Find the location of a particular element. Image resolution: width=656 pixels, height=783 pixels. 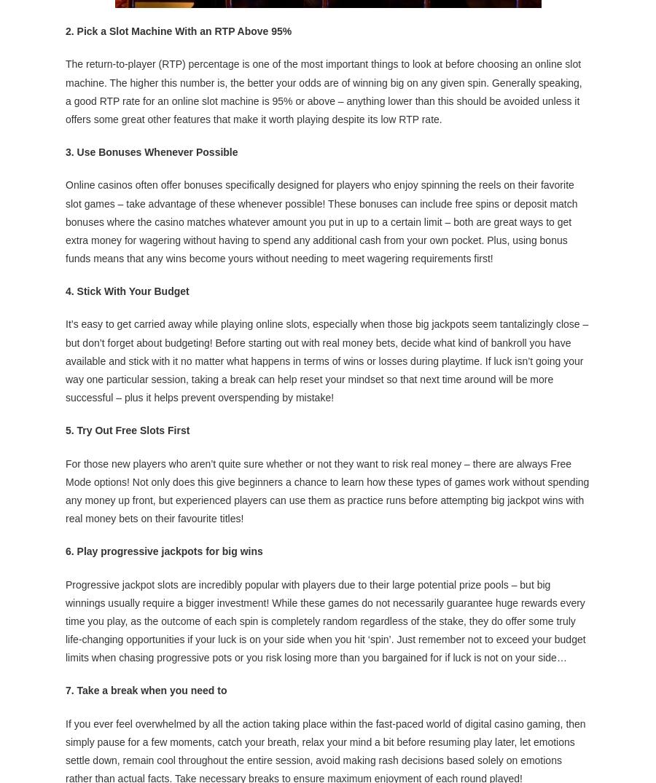

'4. Stick With Your Budget' is located at coordinates (127, 291).